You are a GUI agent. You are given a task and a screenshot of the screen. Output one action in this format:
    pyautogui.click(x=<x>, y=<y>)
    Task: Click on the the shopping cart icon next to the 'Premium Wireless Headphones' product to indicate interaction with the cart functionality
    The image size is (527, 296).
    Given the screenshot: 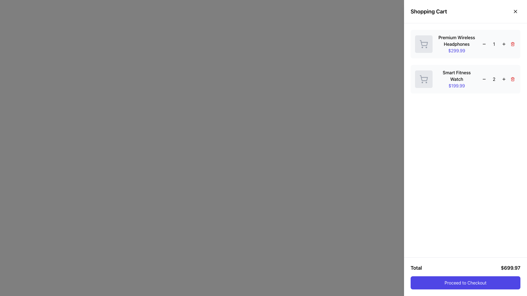 What is the action you would take?
    pyautogui.click(x=424, y=44)
    